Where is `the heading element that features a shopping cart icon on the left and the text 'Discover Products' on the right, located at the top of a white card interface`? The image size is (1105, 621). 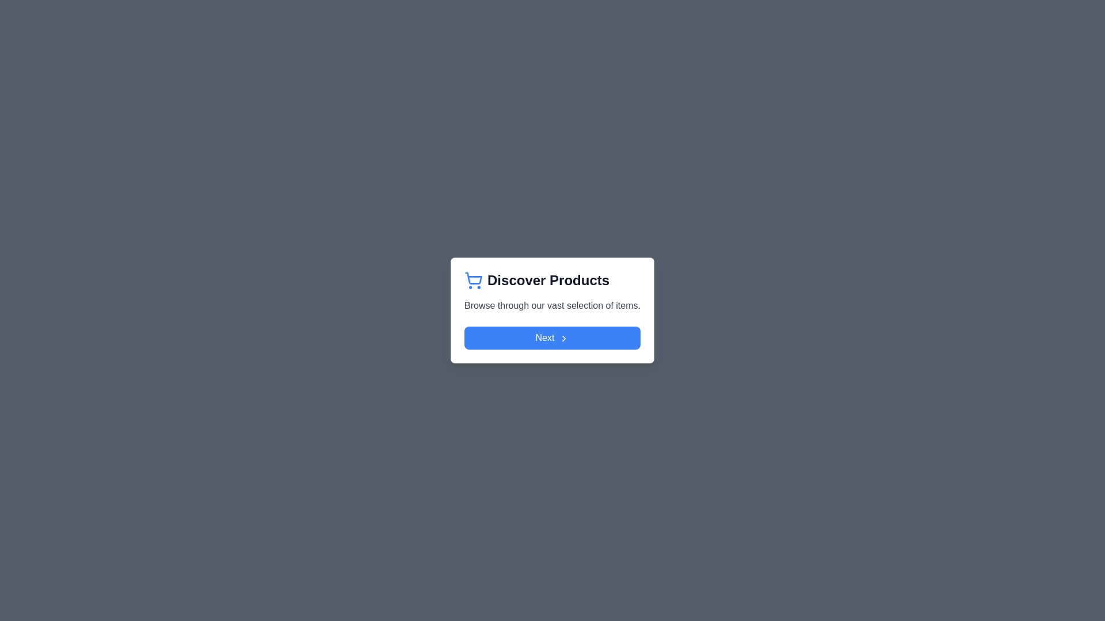
the heading element that features a shopping cart icon on the left and the text 'Discover Products' on the right, located at the top of a white card interface is located at coordinates (552, 281).